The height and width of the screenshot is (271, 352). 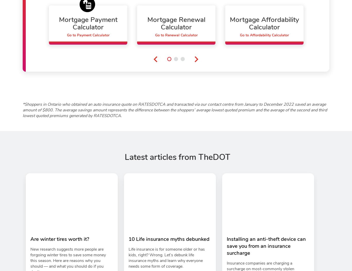 I want to click on 'Mortgage Renewal Calculator', so click(x=176, y=23).